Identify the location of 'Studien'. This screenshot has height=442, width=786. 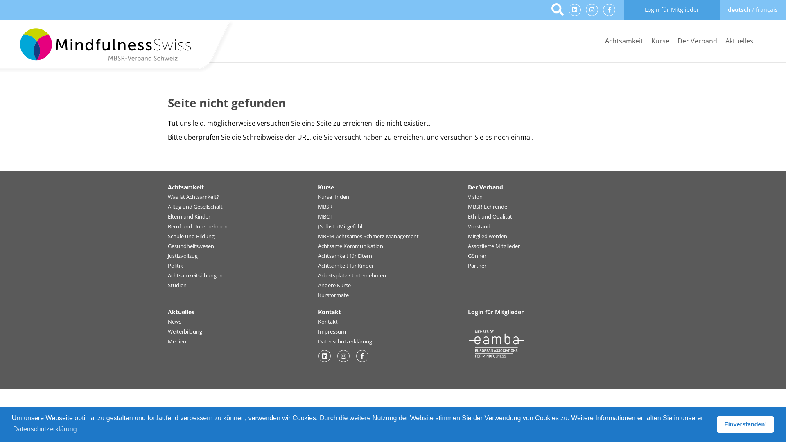
(167, 285).